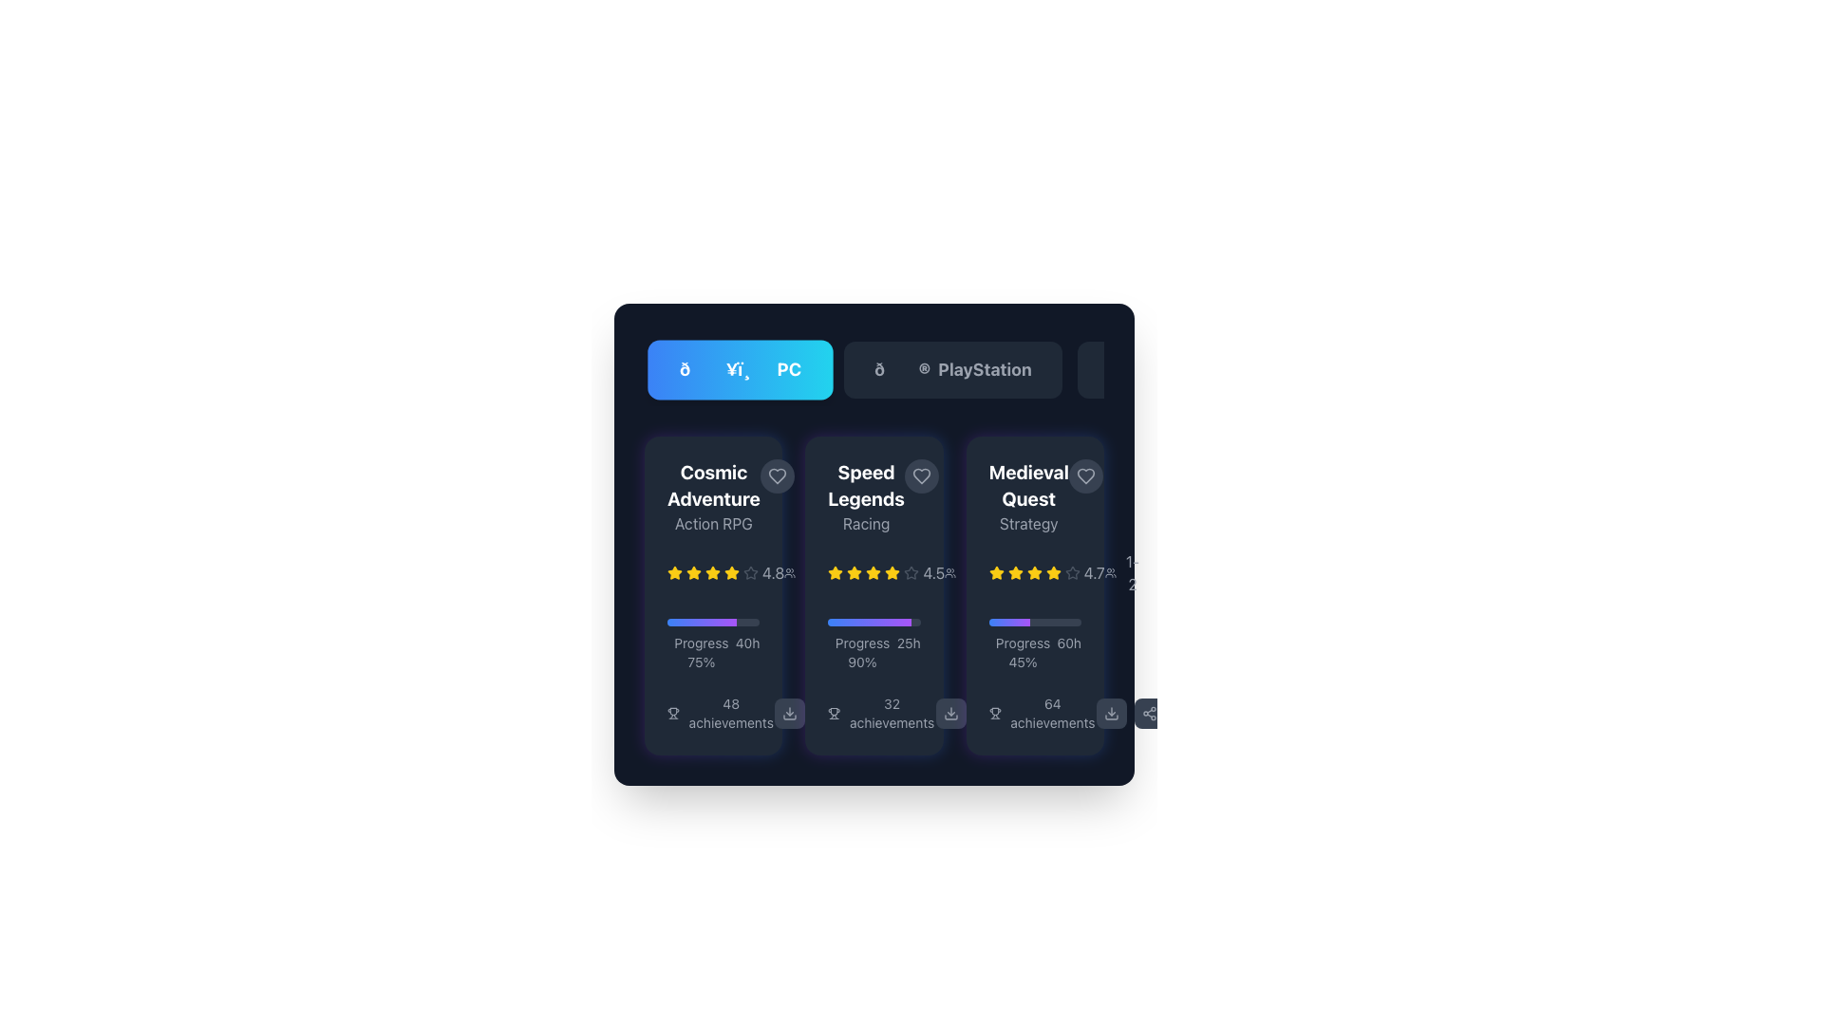 This screenshot has width=1823, height=1025. Describe the element at coordinates (1148, 714) in the screenshot. I see `the interactive button with a share icon, styled with a dark gray background and rounded corners, located at the bottom right corner of the interface` at that location.